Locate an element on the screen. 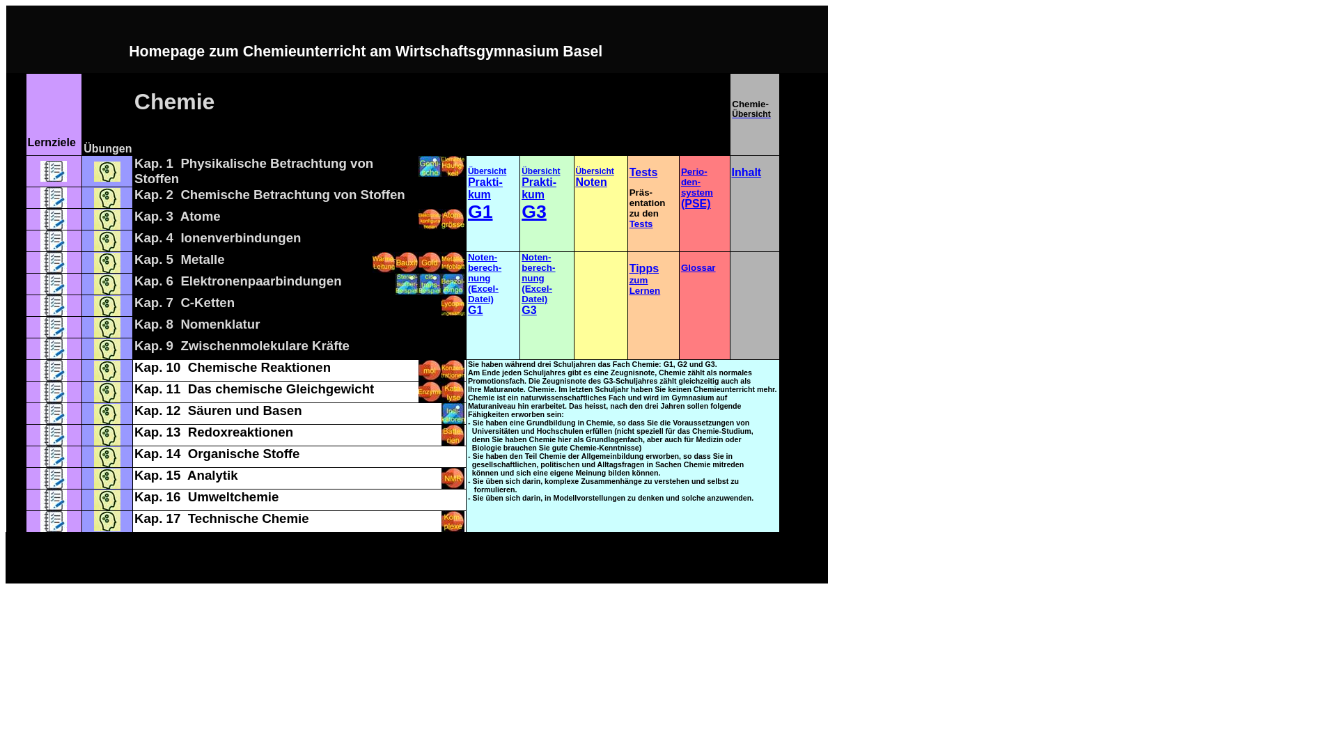 This screenshot has height=752, width=1337. 'berech-nung' is located at coordinates (537, 273).